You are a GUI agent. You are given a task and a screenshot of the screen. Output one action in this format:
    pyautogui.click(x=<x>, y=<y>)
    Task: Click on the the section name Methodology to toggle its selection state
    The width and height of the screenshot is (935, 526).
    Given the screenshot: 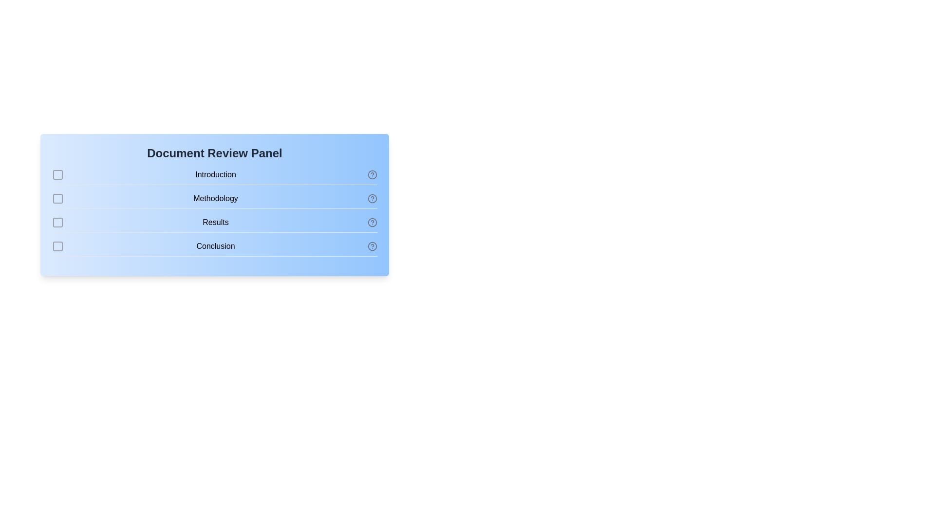 What is the action you would take?
    pyautogui.click(x=214, y=200)
    